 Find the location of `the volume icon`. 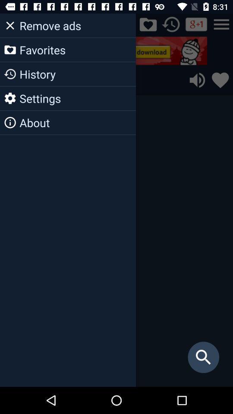

the volume icon is located at coordinates (197, 80).